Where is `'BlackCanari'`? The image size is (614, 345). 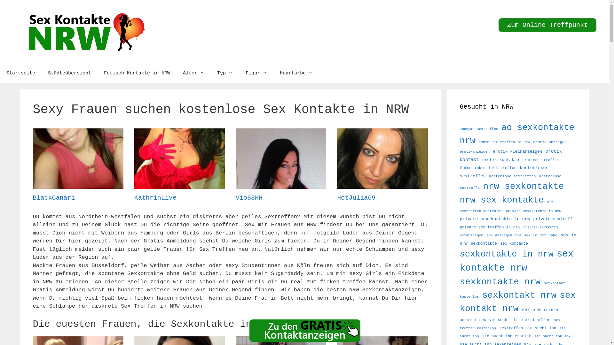 'BlackCanari' is located at coordinates (32, 197).